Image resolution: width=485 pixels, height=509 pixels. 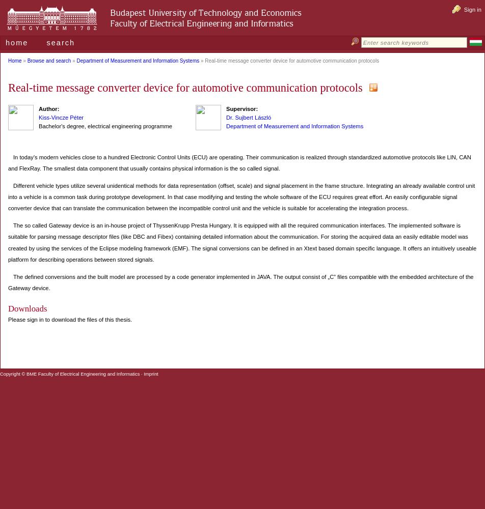 What do you see at coordinates (464, 10) in the screenshot?
I see `'Sign in'` at bounding box center [464, 10].